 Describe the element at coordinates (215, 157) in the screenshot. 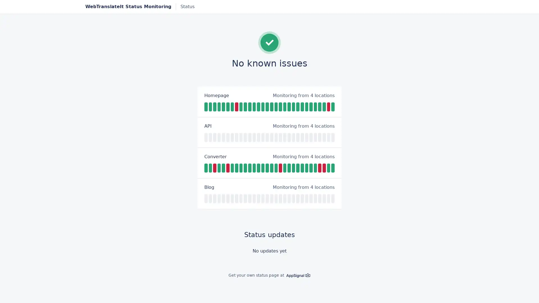

I see `Converter` at that location.